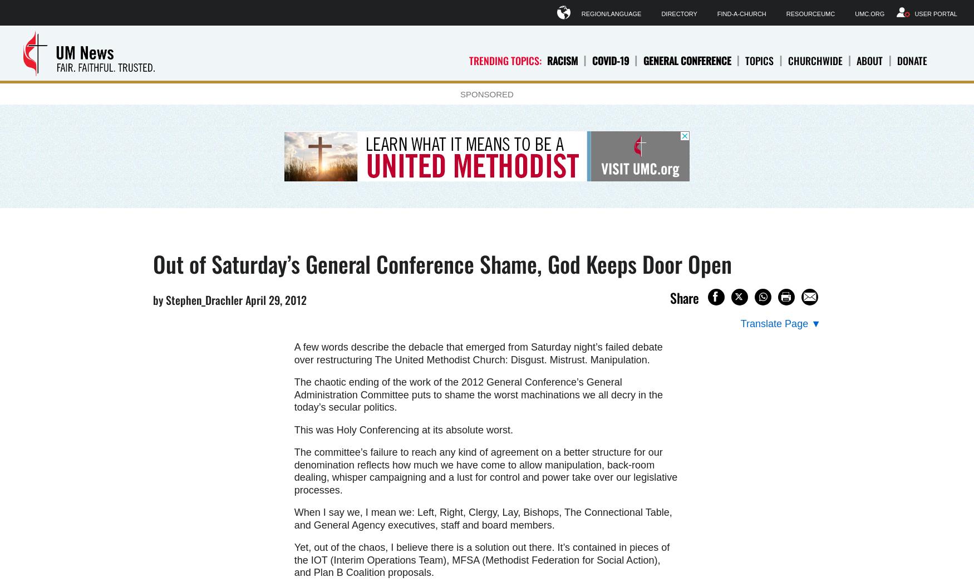 This screenshot has width=974, height=587. I want to click on 'Yet, out of the chaos, I believe there is a solution out there. It’s contained in pieces of the IOT (Interim Operations Team), MFSA (Methodist Federation for Social Action), and Plan B Coalition proposals.', so click(481, 559).